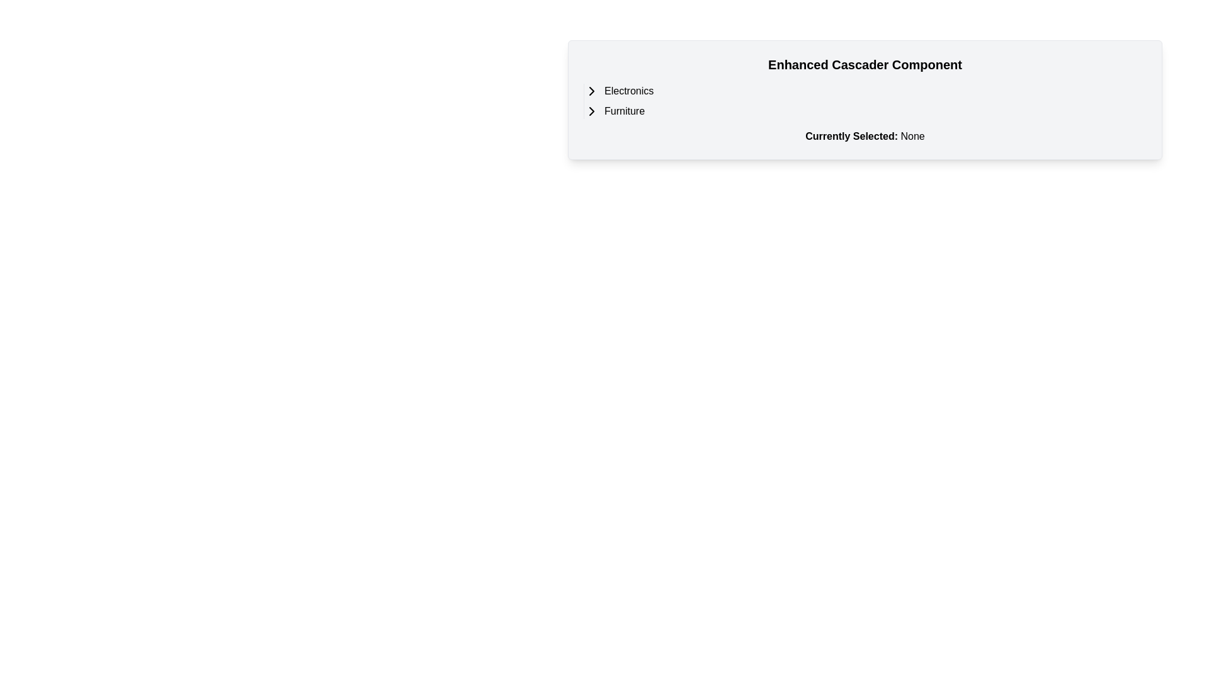  Describe the element at coordinates (591, 91) in the screenshot. I see `the right-pointing chevron icon` at that location.